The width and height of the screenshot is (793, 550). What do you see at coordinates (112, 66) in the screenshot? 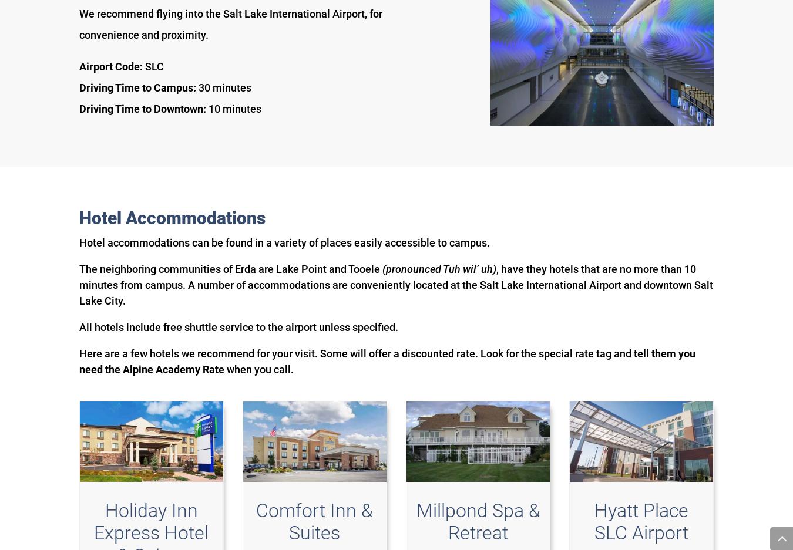
I see `'Airport Code:'` at bounding box center [112, 66].